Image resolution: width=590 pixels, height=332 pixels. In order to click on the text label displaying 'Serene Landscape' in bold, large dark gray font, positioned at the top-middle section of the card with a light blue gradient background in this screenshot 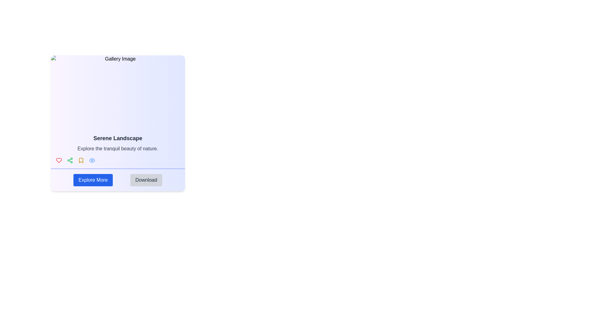, I will do `click(118, 138)`.